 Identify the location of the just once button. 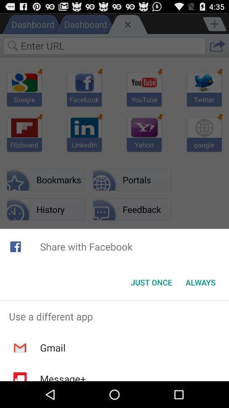
(151, 282).